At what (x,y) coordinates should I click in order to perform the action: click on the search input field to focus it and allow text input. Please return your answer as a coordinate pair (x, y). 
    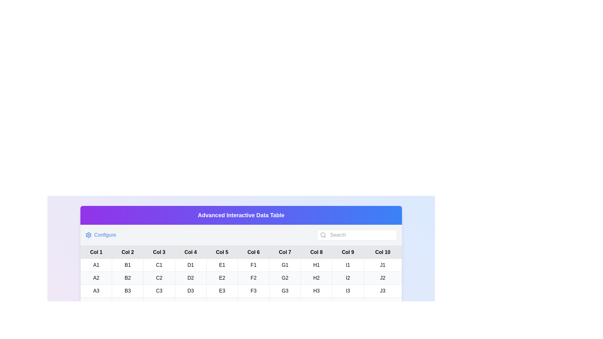
    Looking at the image, I should click on (361, 235).